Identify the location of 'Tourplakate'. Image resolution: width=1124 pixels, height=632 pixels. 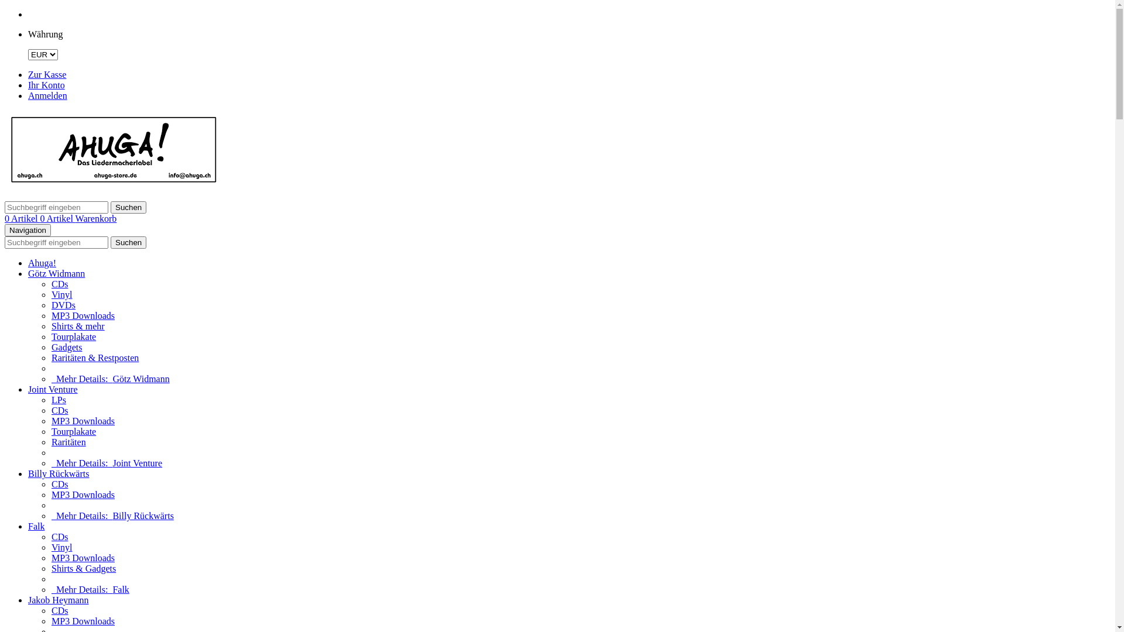
(73, 336).